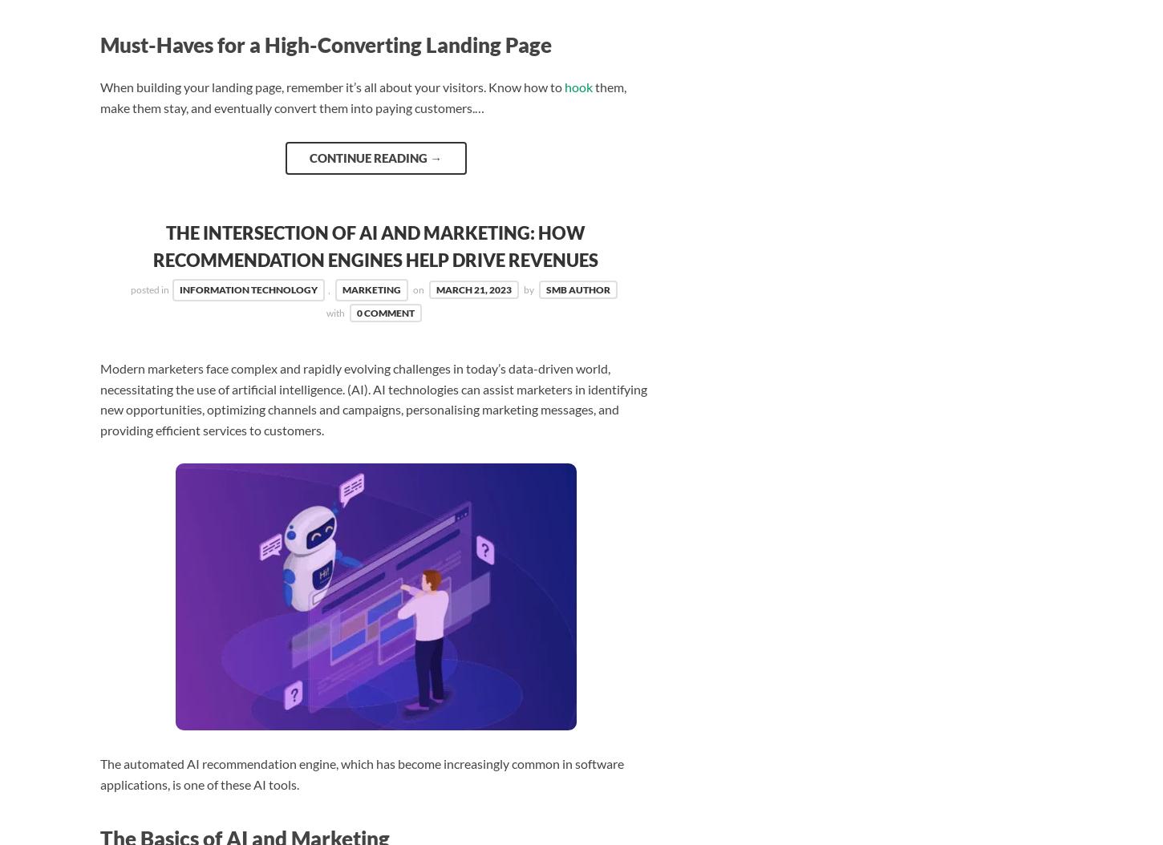 The width and height of the screenshot is (1163, 845). What do you see at coordinates (375, 245) in the screenshot?
I see `'The Intersection of AI and Marketing: How Recommendation Engines Help Drive Revenues'` at bounding box center [375, 245].